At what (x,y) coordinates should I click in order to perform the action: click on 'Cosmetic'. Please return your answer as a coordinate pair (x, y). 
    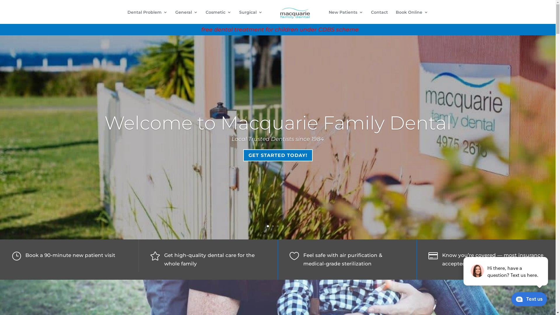
    Looking at the image, I should click on (206, 17).